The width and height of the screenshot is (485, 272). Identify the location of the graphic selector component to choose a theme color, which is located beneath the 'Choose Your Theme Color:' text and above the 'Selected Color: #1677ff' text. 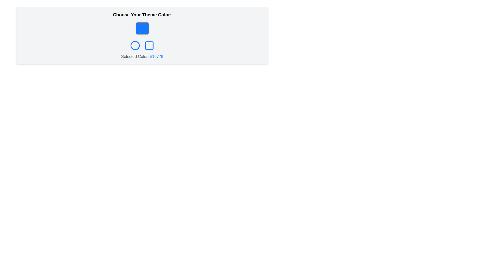
(142, 46).